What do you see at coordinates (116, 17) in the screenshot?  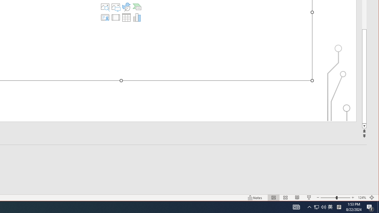 I see `'Insert Video'` at bounding box center [116, 17].